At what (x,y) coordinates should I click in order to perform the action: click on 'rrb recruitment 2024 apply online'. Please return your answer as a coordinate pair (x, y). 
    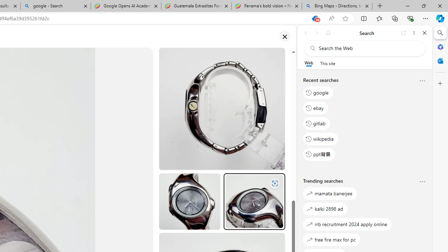
    Looking at the image, I should click on (348, 224).